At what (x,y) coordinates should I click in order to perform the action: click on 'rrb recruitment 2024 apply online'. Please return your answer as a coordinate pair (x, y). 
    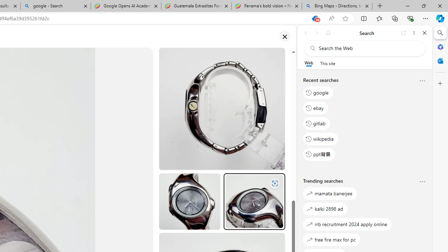
    Looking at the image, I should click on (348, 224).